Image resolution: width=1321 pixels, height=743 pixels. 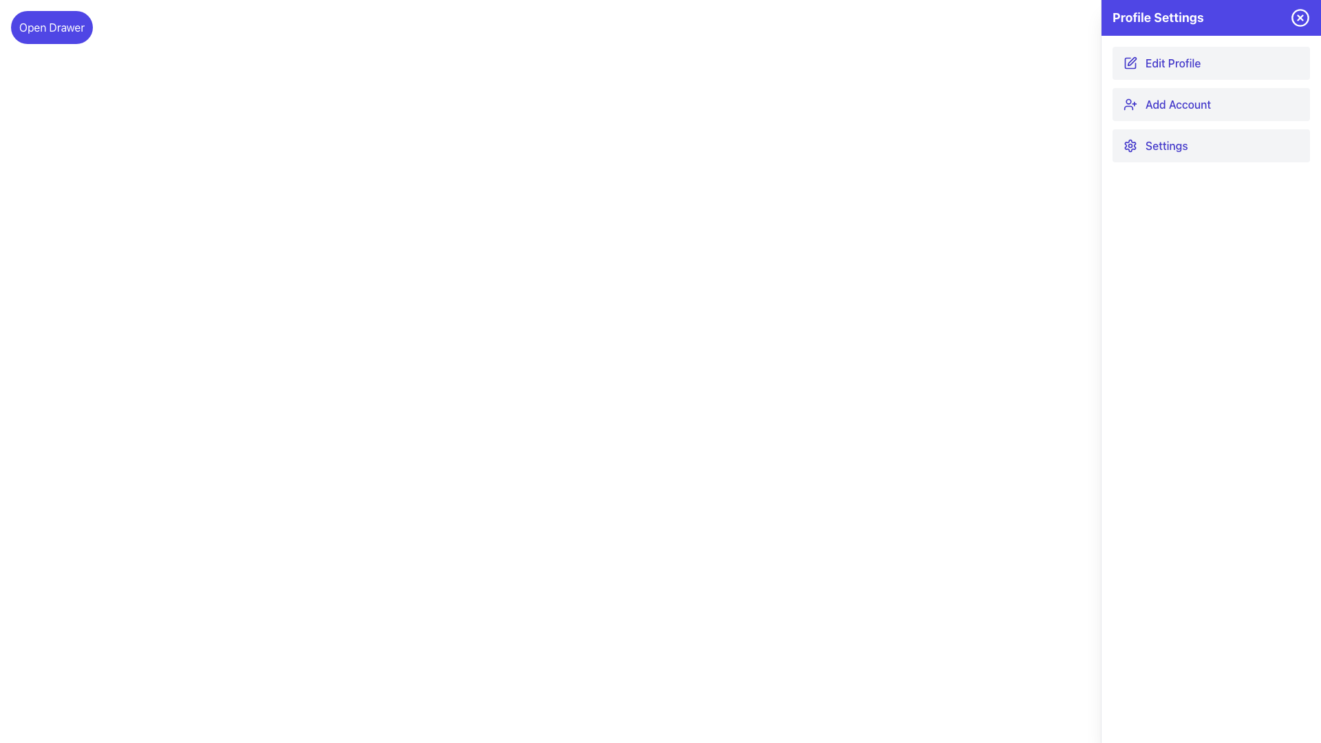 What do you see at coordinates (1130, 146) in the screenshot?
I see `the settings icon located within the 'Settings' button of the 'Profile Settings' panel, positioned near the top-right corner of the interface` at bounding box center [1130, 146].